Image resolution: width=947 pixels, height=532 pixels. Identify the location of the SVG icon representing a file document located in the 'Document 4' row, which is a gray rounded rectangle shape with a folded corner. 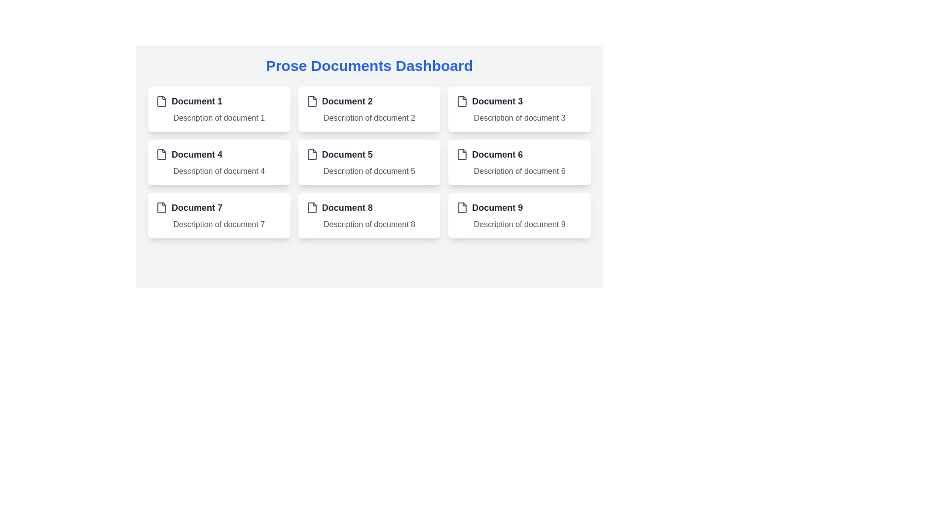
(161, 154).